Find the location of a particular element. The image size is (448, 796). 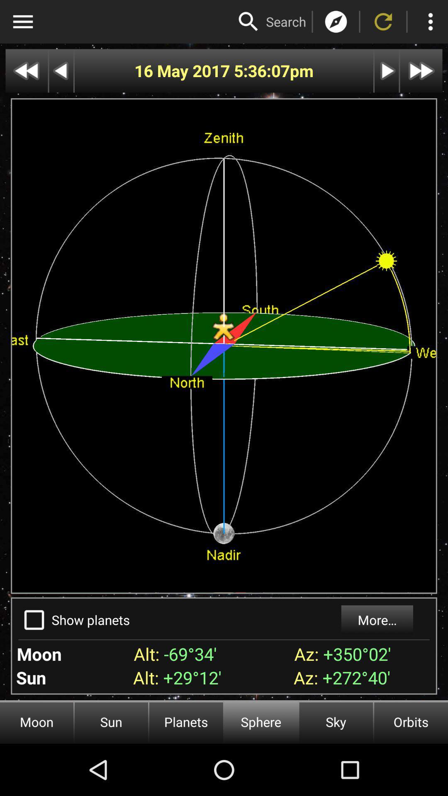

go settings is located at coordinates (22, 22).